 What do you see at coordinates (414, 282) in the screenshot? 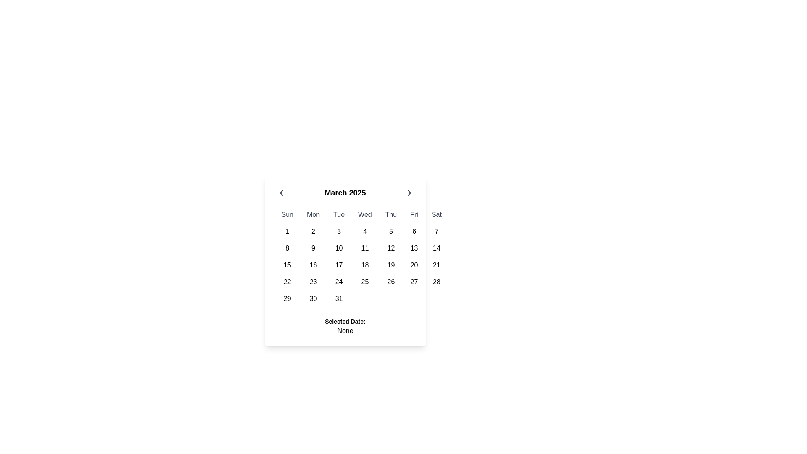
I see `the Text button displaying the number '27'` at bounding box center [414, 282].